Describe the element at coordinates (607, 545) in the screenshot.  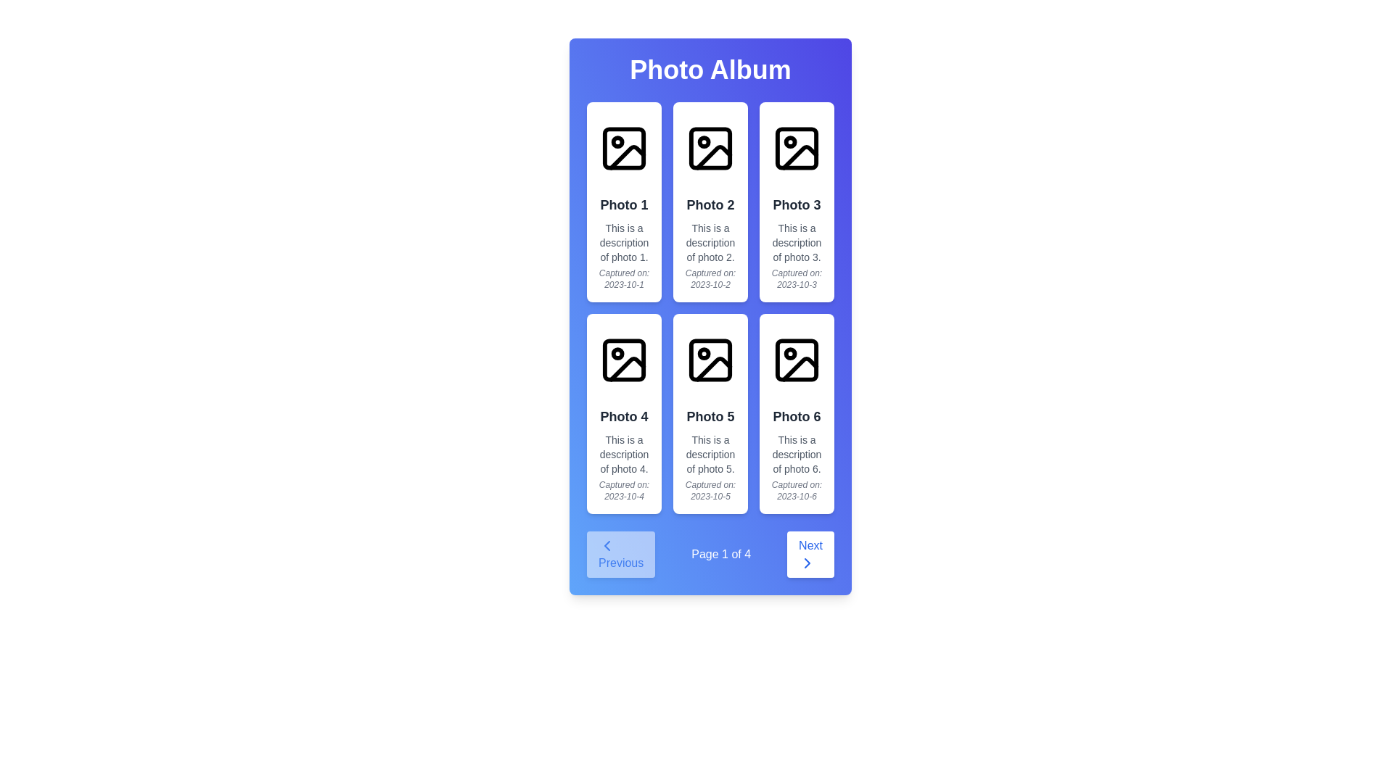
I see `the SVG Icon that indicates navigating to the previous page, located inside the 'Previous' button at the bottom-left corner of the main content area` at that location.